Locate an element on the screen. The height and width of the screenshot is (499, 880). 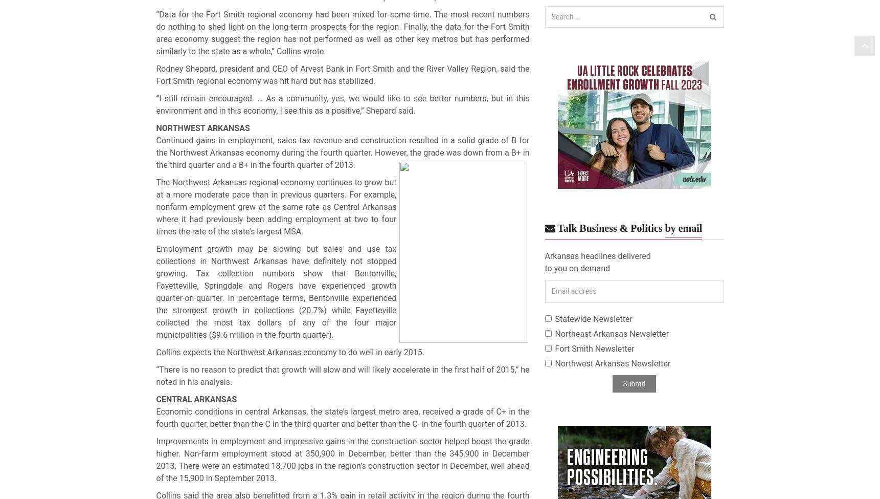
'Submit' is located at coordinates (622, 382).